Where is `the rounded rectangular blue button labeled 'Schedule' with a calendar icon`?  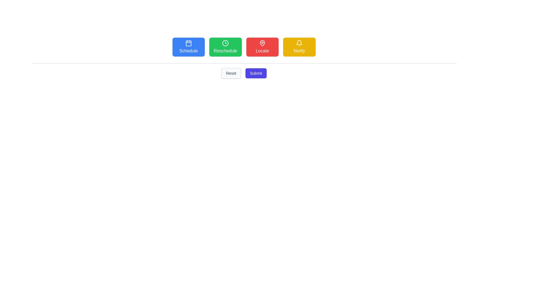
the rounded rectangular blue button labeled 'Schedule' with a calendar icon is located at coordinates (188, 47).